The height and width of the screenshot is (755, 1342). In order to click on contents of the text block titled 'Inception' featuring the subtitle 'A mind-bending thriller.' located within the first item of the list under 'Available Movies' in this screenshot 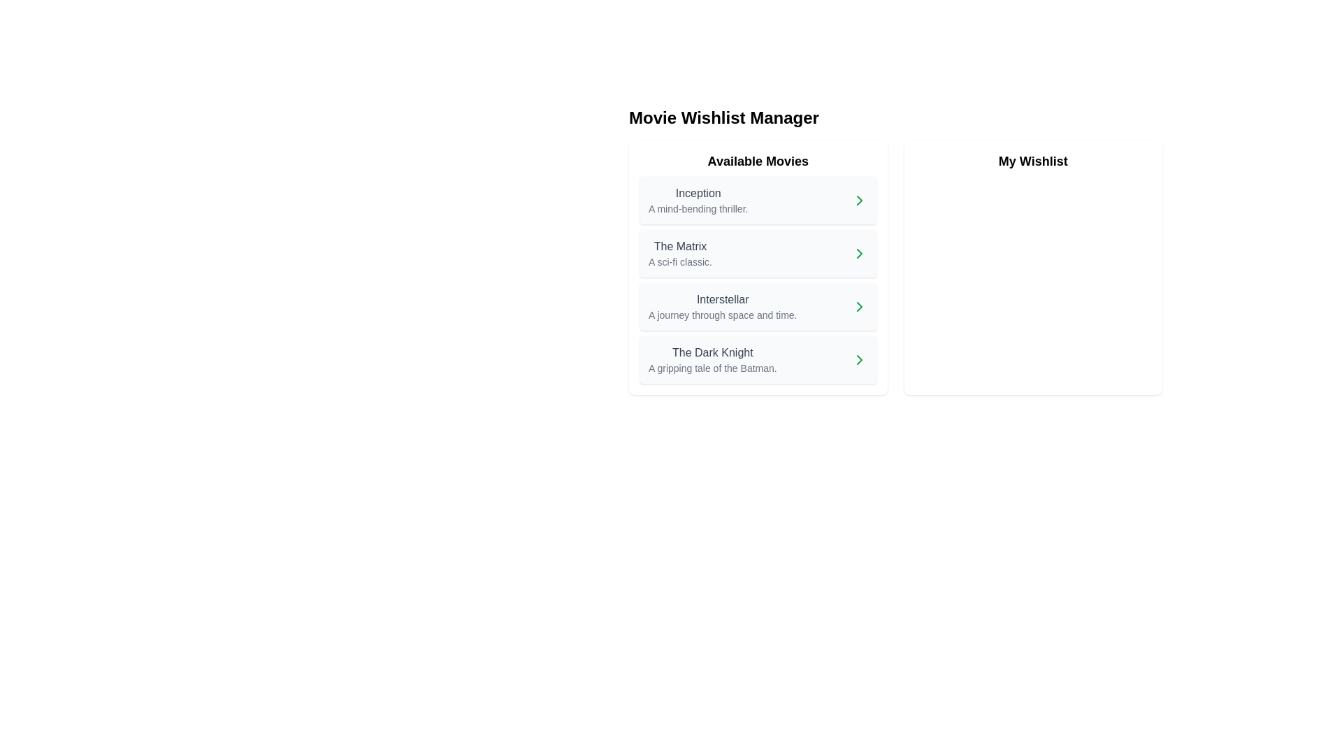, I will do `click(698, 200)`.